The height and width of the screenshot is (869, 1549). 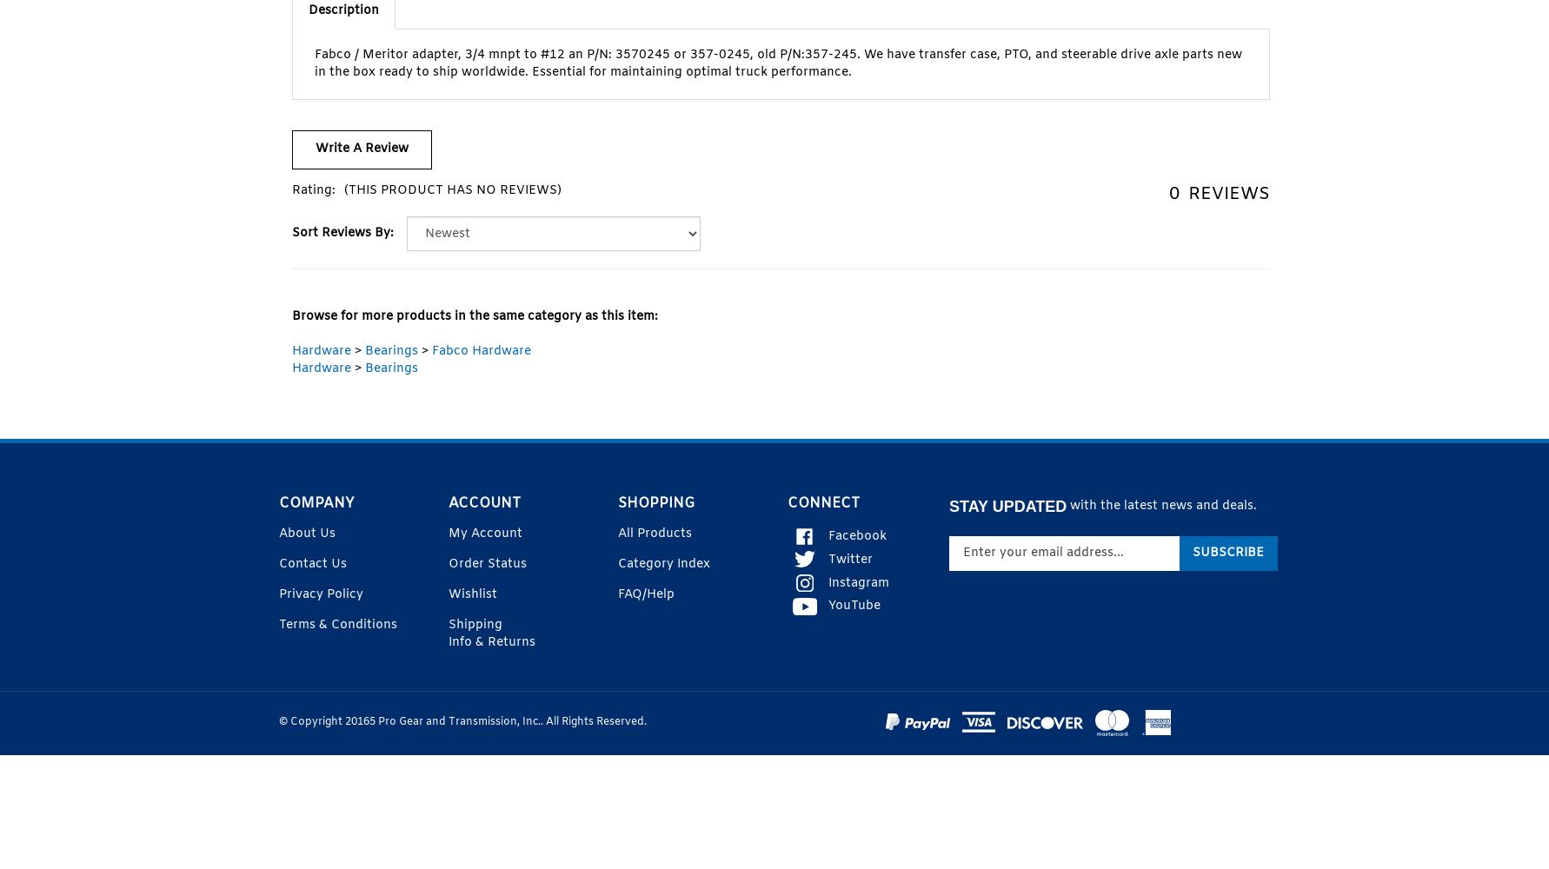 I want to click on 'Facebook', so click(x=856, y=534).